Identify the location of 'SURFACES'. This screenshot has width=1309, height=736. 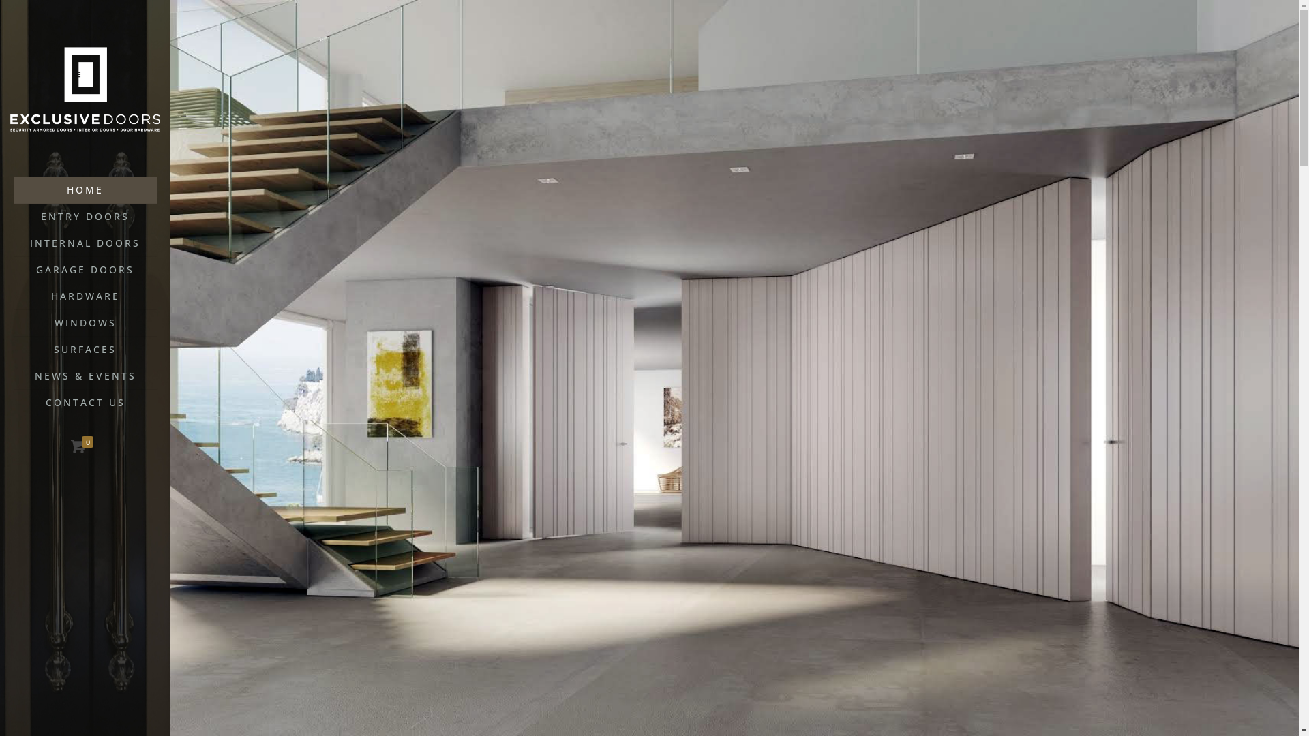
(13, 349).